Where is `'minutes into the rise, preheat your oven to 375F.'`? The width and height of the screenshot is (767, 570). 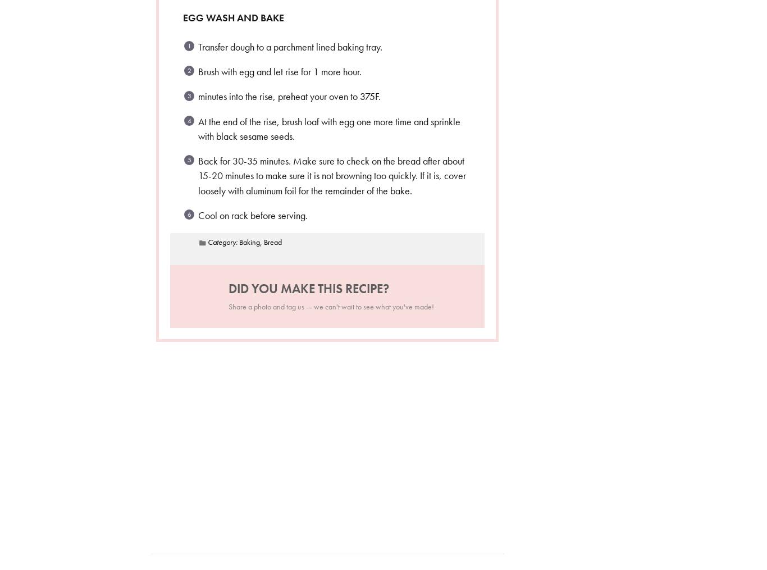
'minutes into the rise, preheat your oven to 375F.' is located at coordinates (289, 95).